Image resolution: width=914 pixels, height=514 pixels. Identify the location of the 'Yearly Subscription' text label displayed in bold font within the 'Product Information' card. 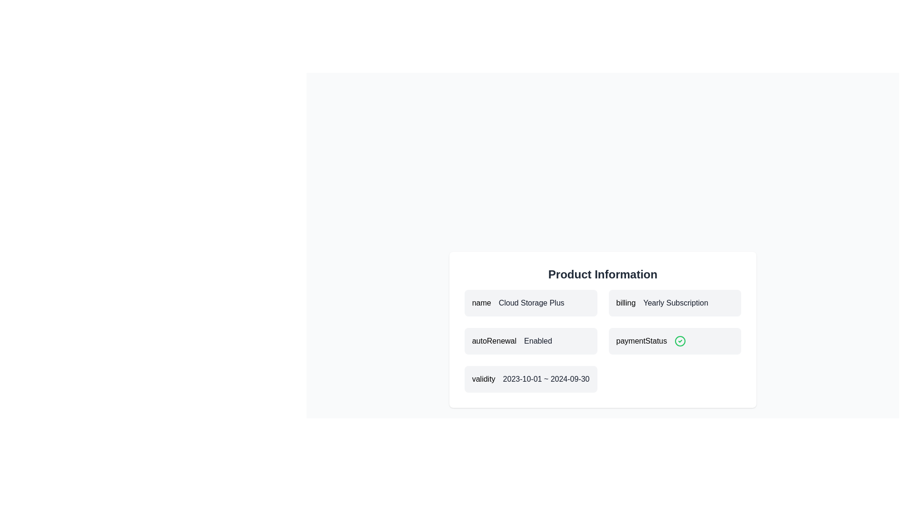
(675, 303).